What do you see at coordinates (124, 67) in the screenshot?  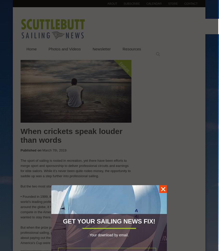 I see `'Feature'` at bounding box center [124, 67].